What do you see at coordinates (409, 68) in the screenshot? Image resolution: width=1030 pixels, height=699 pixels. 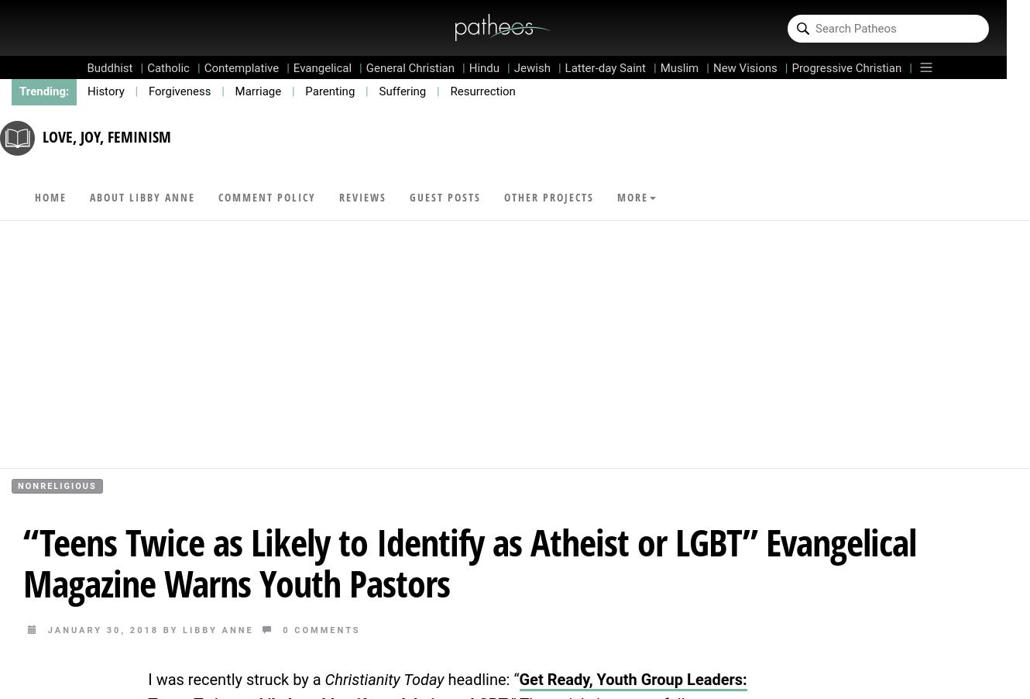 I see `'General Christian'` at bounding box center [409, 68].